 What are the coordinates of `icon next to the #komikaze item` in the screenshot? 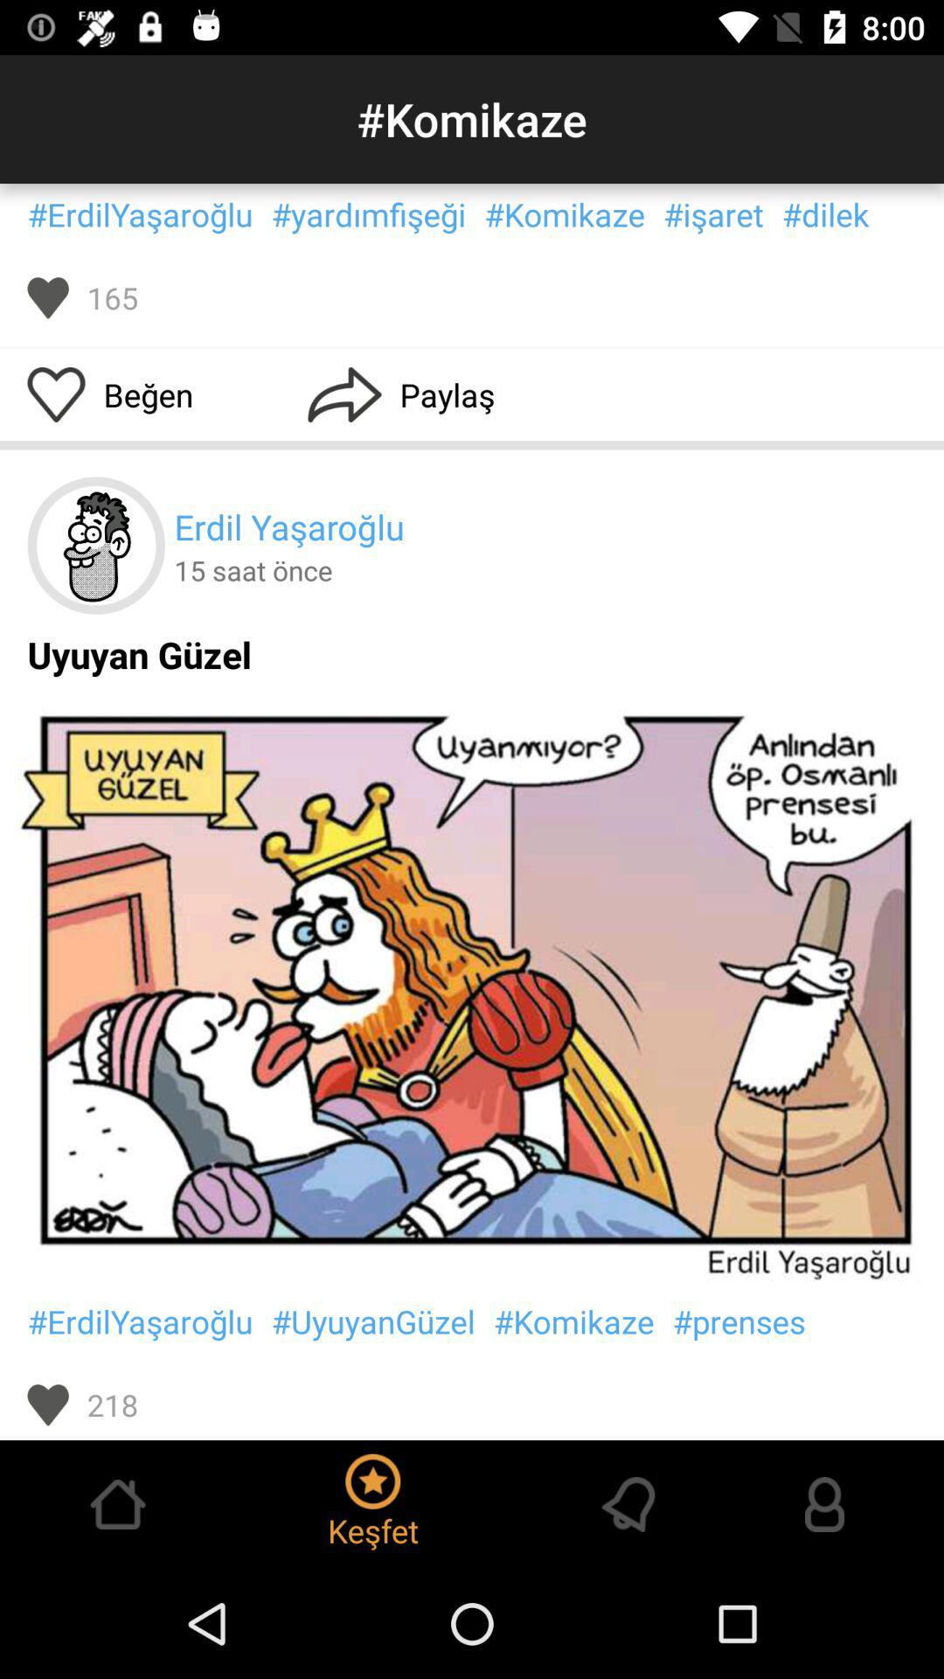 It's located at (739, 1321).